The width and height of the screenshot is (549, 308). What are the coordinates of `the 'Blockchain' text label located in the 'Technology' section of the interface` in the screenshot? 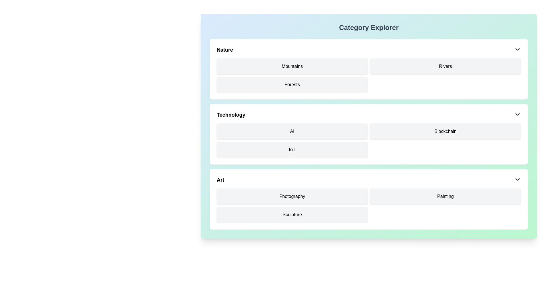 It's located at (445, 131).